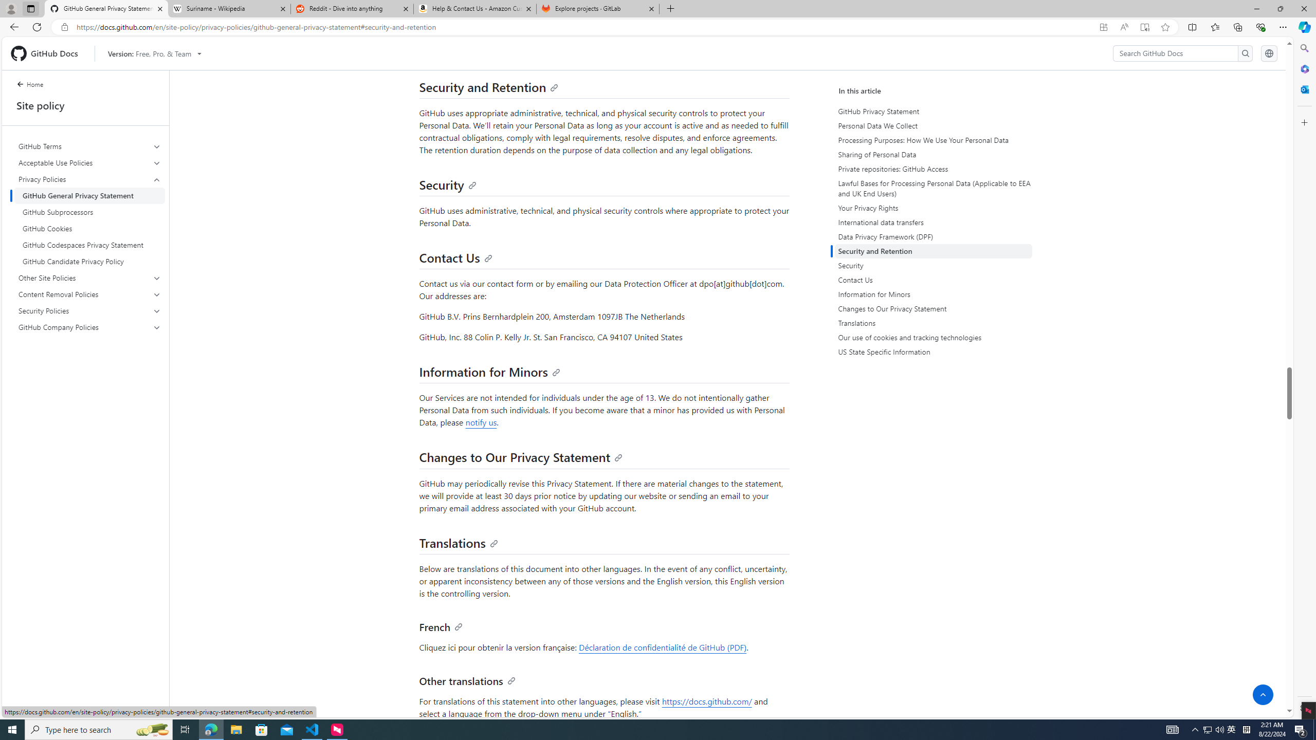 The image size is (1316, 740). Describe the element at coordinates (228, 8) in the screenshot. I see `'Suriname - Wikipedia'` at that location.